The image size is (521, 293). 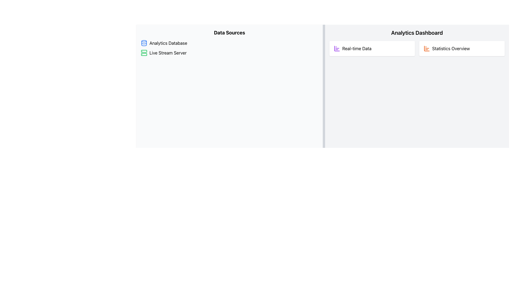 What do you see at coordinates (144, 51) in the screenshot?
I see `the upper rectangle of the server icon, which is part of the decorative component representing the server next to the 'Live Stream Server' text under the 'Data Sources' heading` at bounding box center [144, 51].